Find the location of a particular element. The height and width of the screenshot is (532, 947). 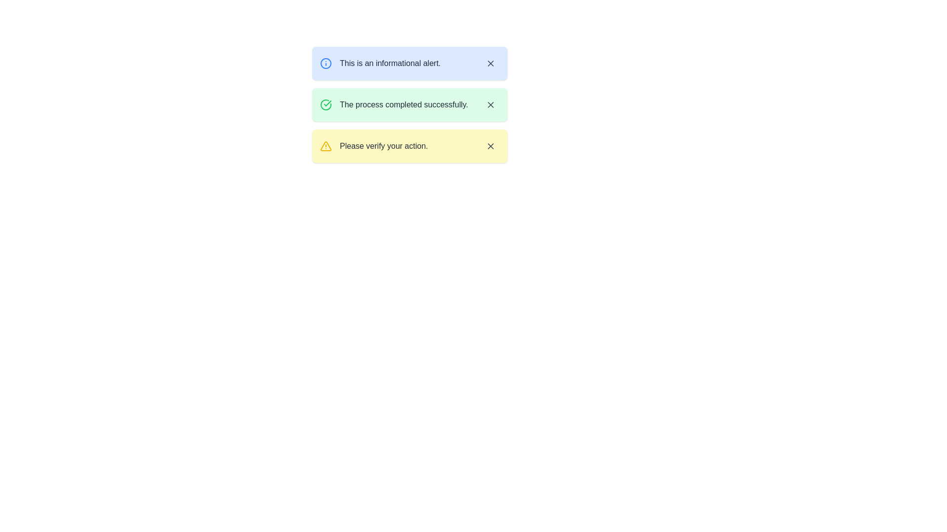

the 'X' icon button in the top-right corner of the blue informational alert box is located at coordinates (490, 63).